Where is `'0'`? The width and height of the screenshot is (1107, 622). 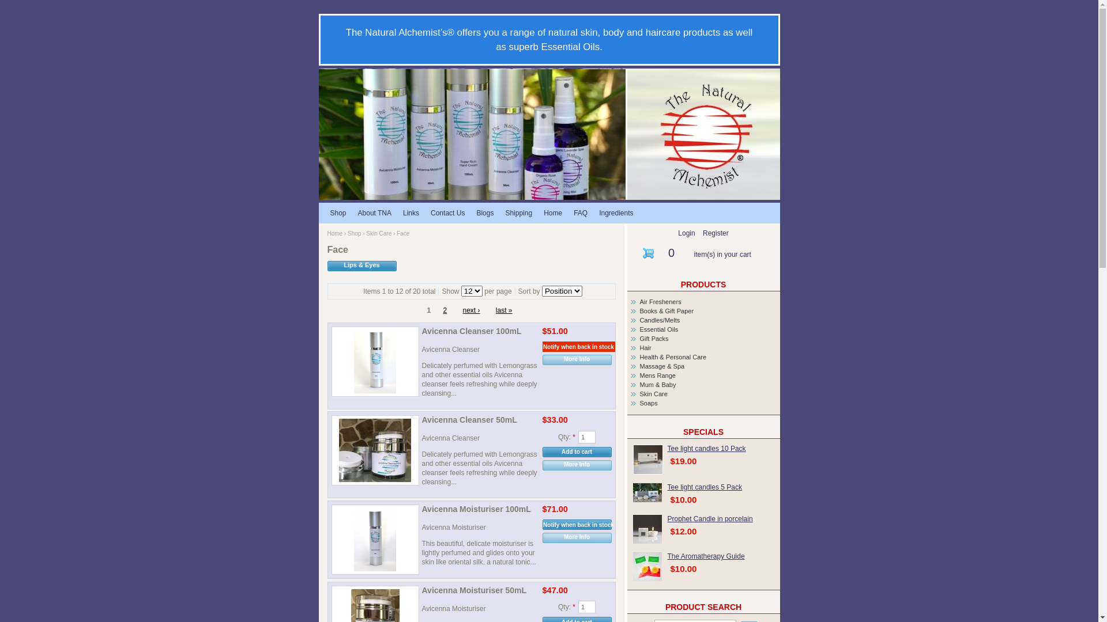
'0' is located at coordinates (671, 252).